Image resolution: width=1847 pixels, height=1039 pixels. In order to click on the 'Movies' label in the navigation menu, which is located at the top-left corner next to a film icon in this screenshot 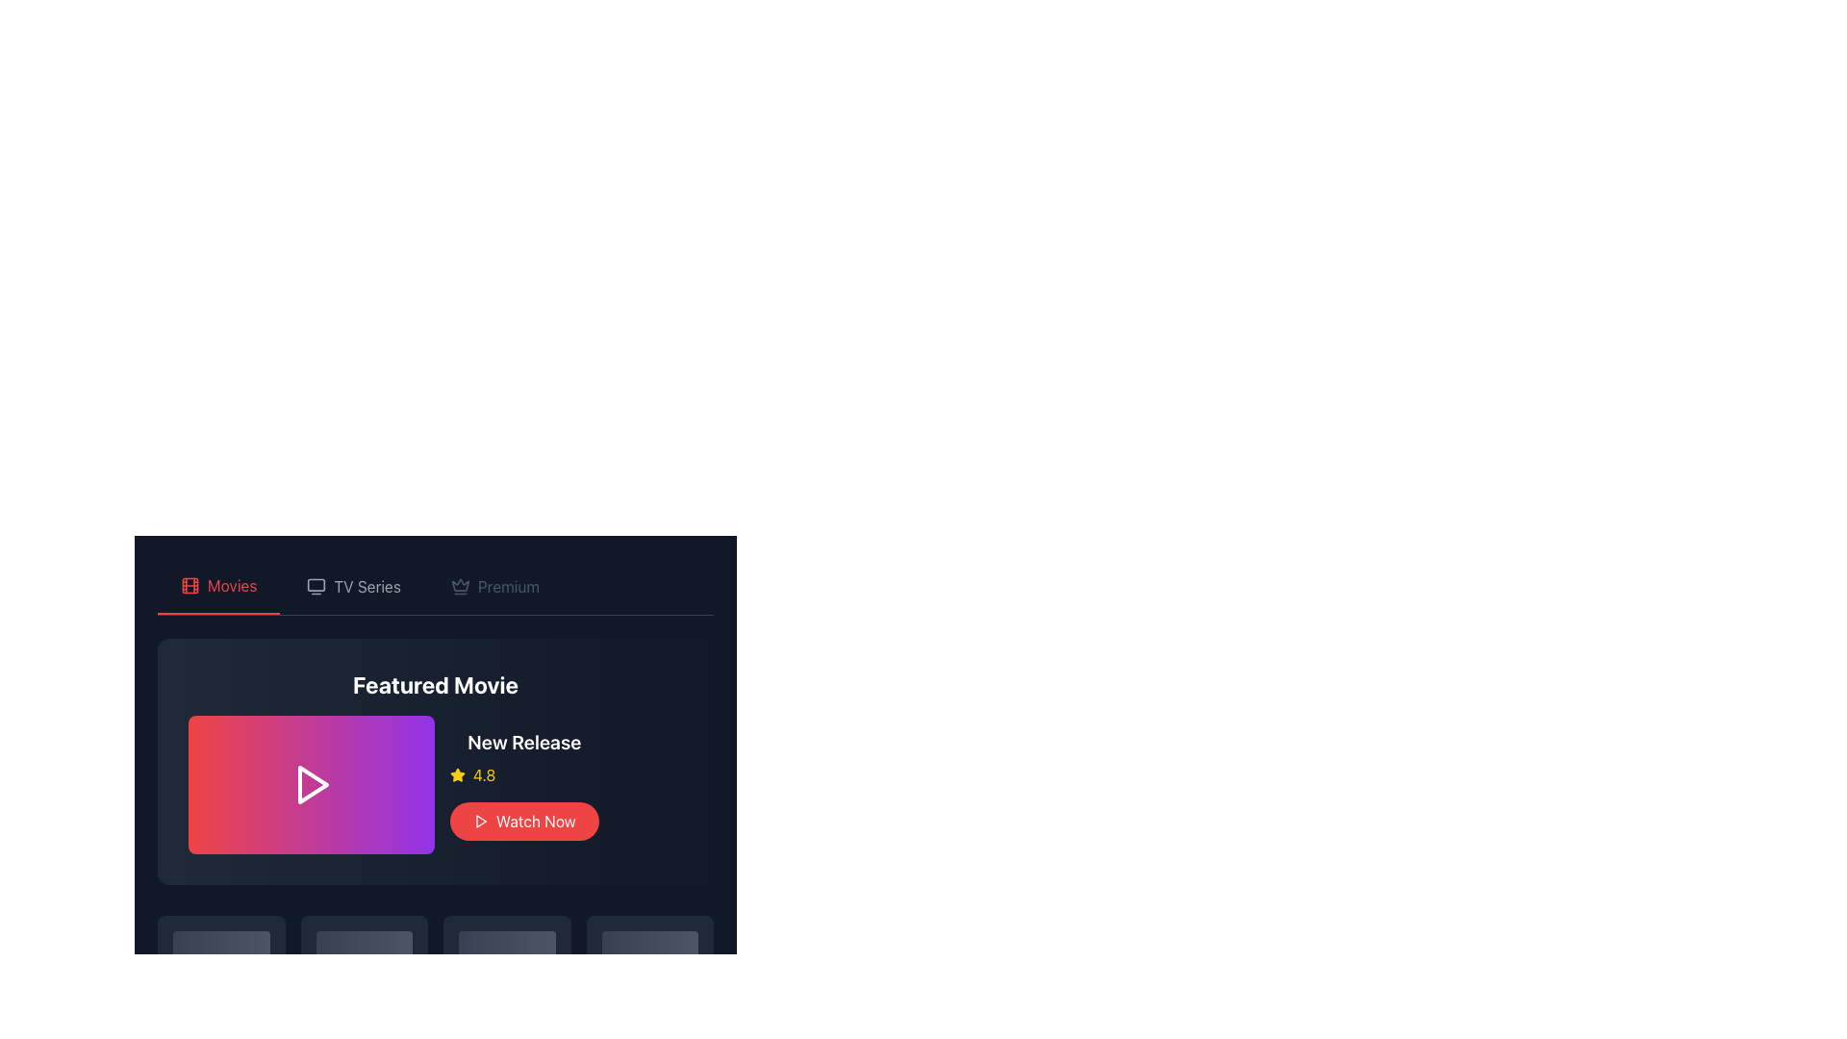, I will do `click(231, 585)`.